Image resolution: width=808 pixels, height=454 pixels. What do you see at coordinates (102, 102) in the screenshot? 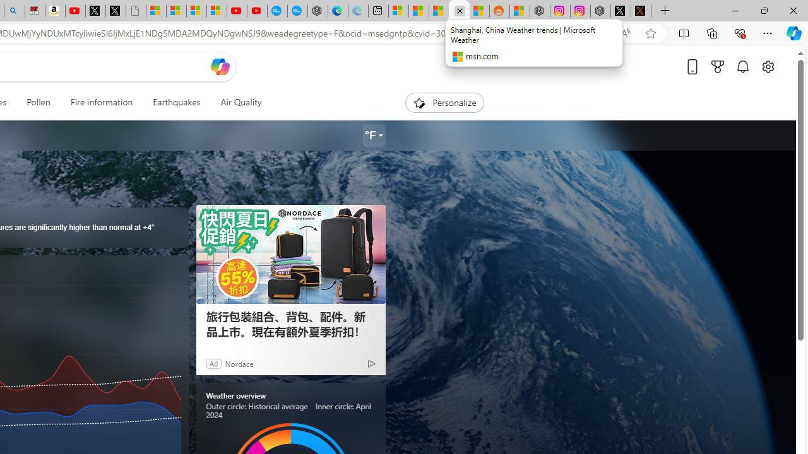
I see `'Fire information'` at bounding box center [102, 102].